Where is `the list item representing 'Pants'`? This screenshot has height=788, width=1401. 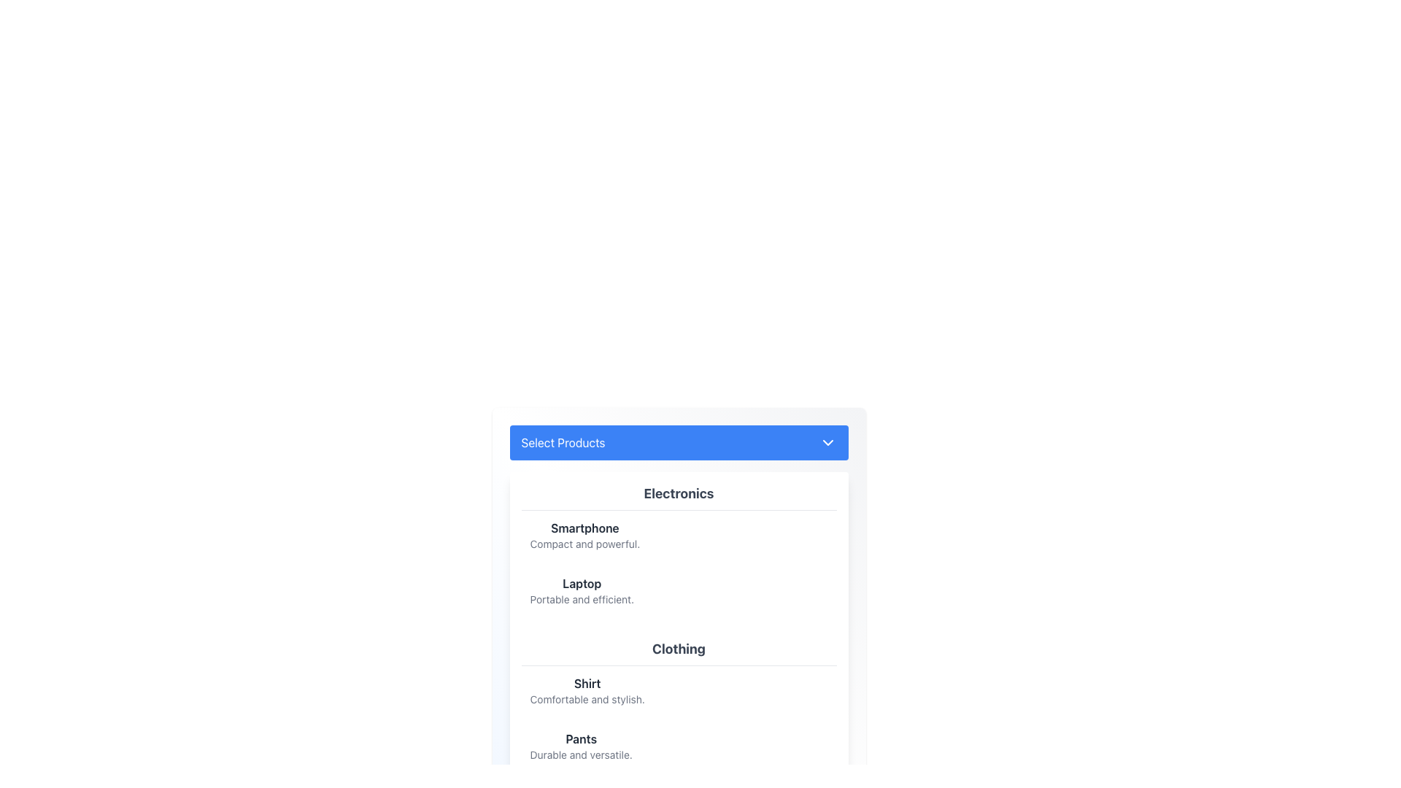
the list item representing 'Pants' is located at coordinates (678, 746).